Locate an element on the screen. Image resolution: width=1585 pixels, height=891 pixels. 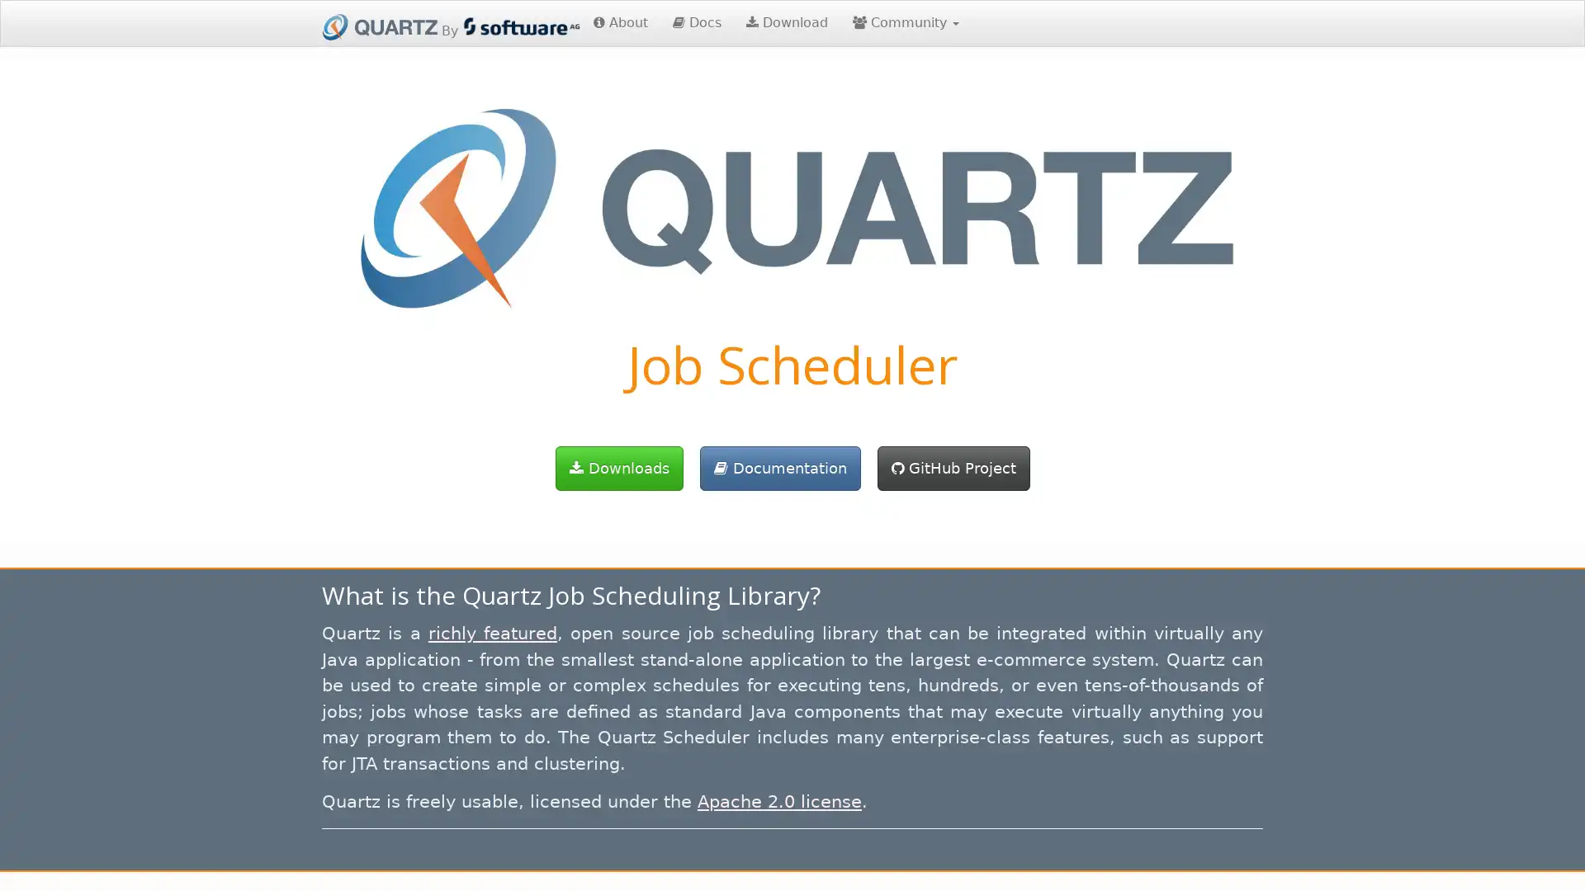
Documentation is located at coordinates (778, 468).